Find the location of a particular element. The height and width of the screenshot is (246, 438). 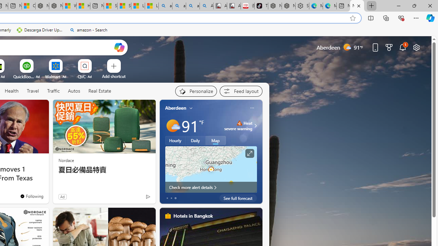

'Travel' is located at coordinates (33, 91).